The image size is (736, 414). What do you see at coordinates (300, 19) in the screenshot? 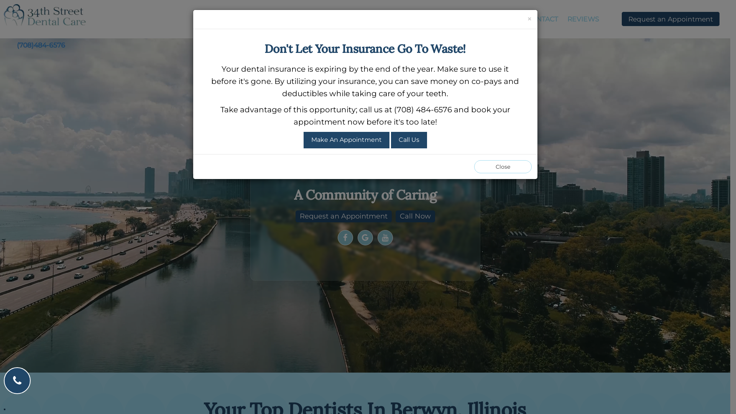
I see `'ABOUT US'` at bounding box center [300, 19].